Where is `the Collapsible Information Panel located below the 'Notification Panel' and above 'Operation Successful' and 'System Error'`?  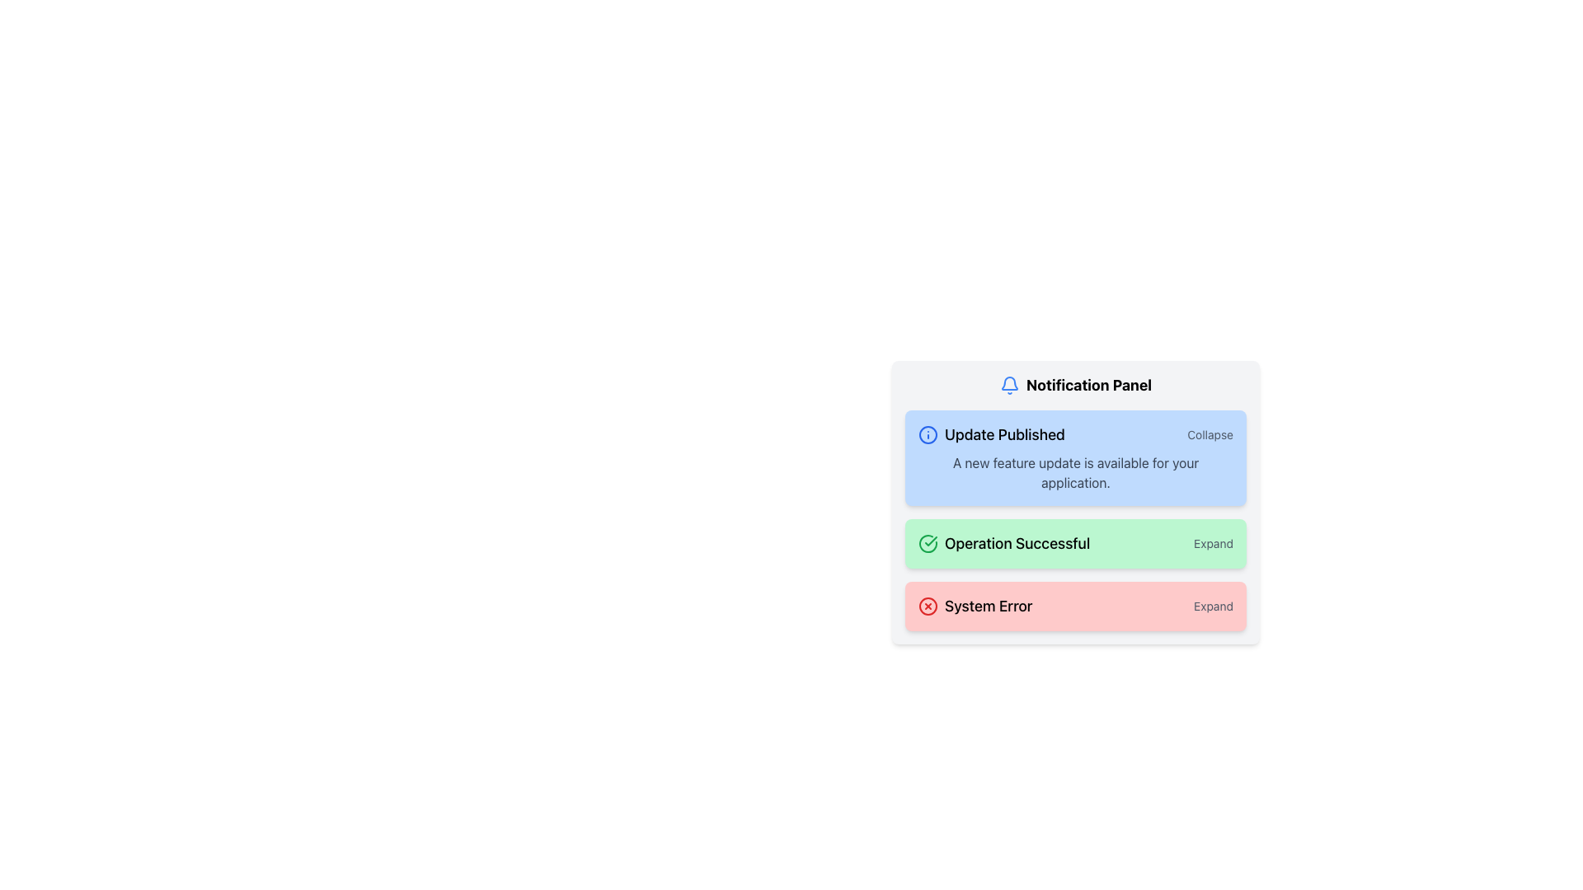
the Collapsible Information Panel located below the 'Notification Panel' and above 'Operation Successful' and 'System Error' is located at coordinates (1076, 501).